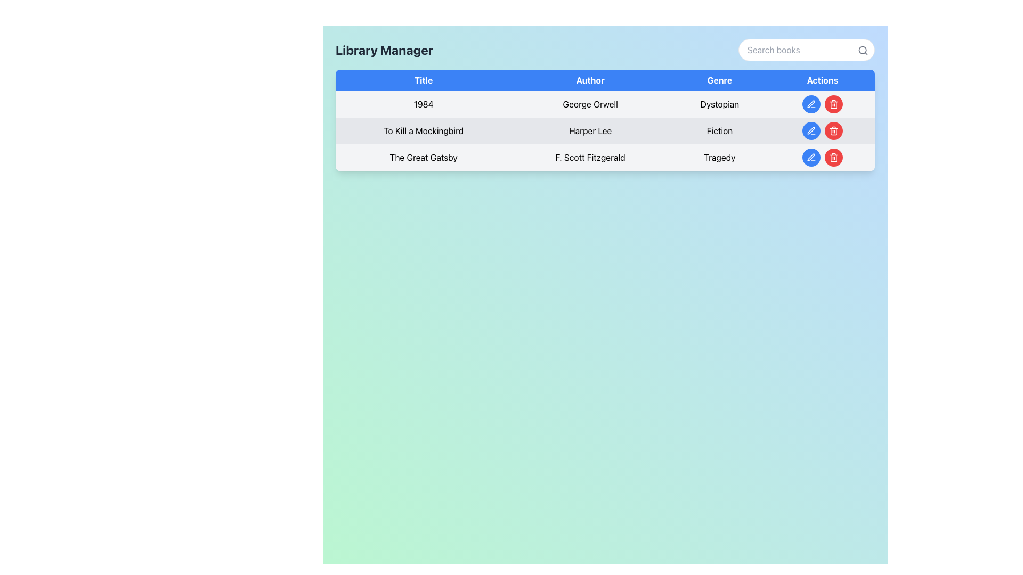  What do you see at coordinates (423, 130) in the screenshot?
I see `the text label displaying 'To Kill a Mockingbird', which is located in the first column of the second row under the 'Title' column of a data table` at bounding box center [423, 130].